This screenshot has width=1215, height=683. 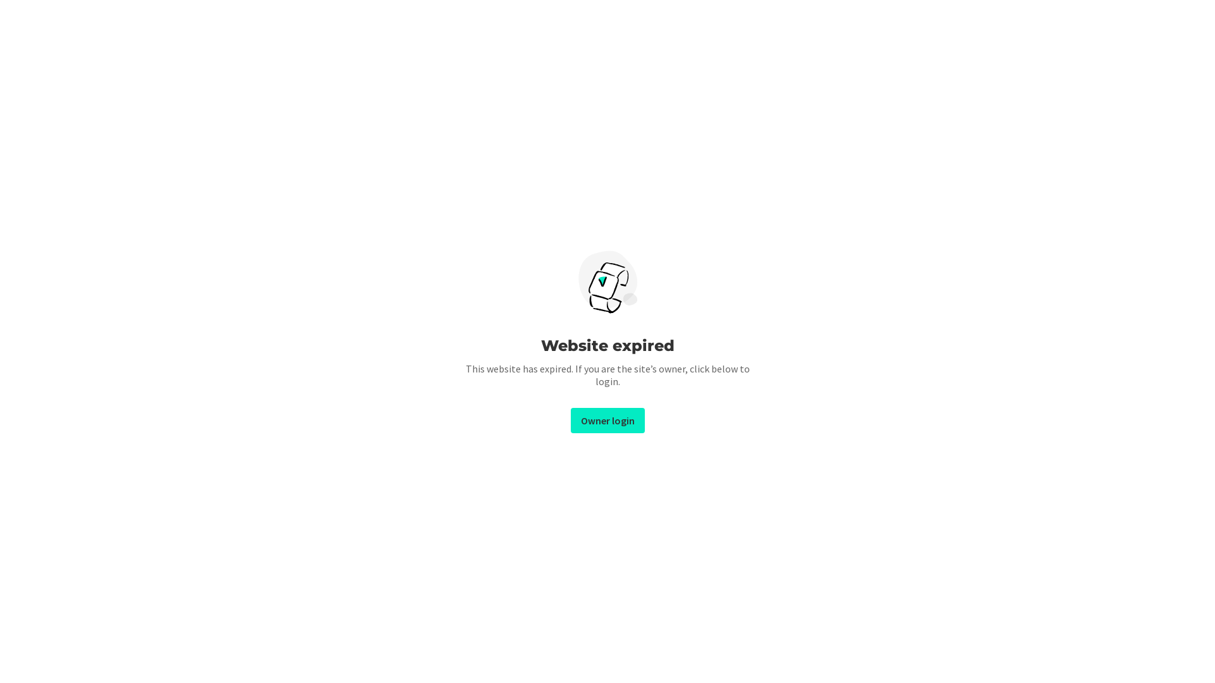 What do you see at coordinates (607, 420) in the screenshot?
I see `'Owner login'` at bounding box center [607, 420].